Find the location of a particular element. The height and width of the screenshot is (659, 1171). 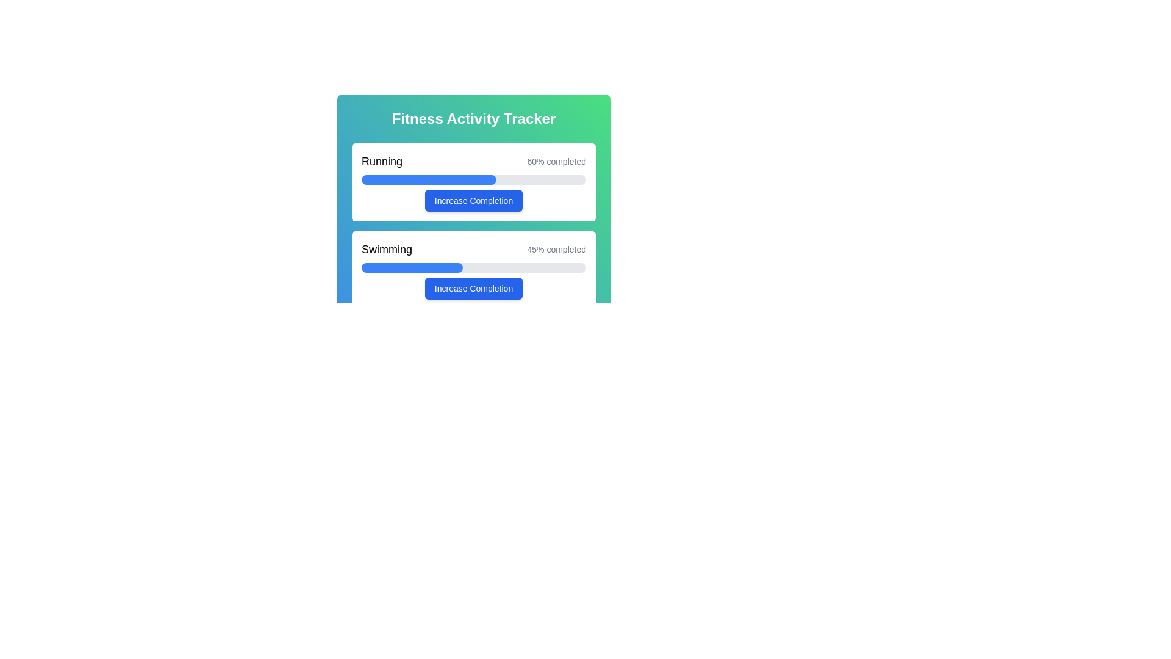

completion percentage from the text label located to the right of the 'Swimming' text in the second progress block of the 'Fitness Activity Tracker' section is located at coordinates (556, 248).